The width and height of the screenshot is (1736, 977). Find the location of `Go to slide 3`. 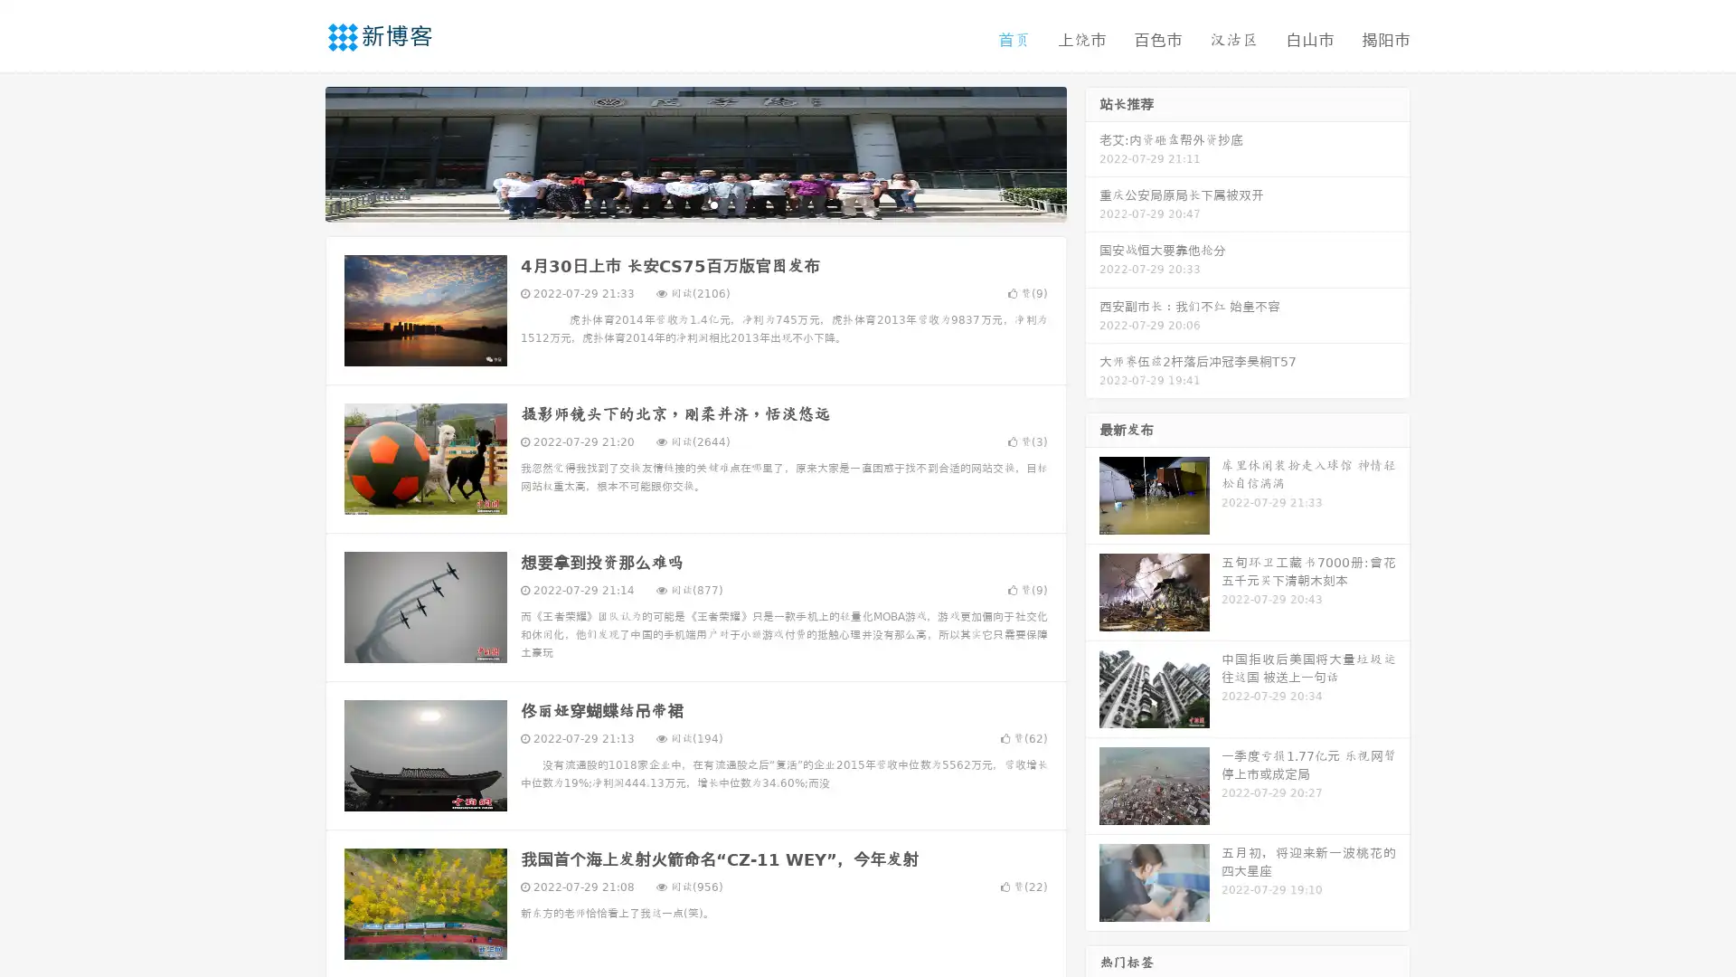

Go to slide 3 is located at coordinates (713, 204).